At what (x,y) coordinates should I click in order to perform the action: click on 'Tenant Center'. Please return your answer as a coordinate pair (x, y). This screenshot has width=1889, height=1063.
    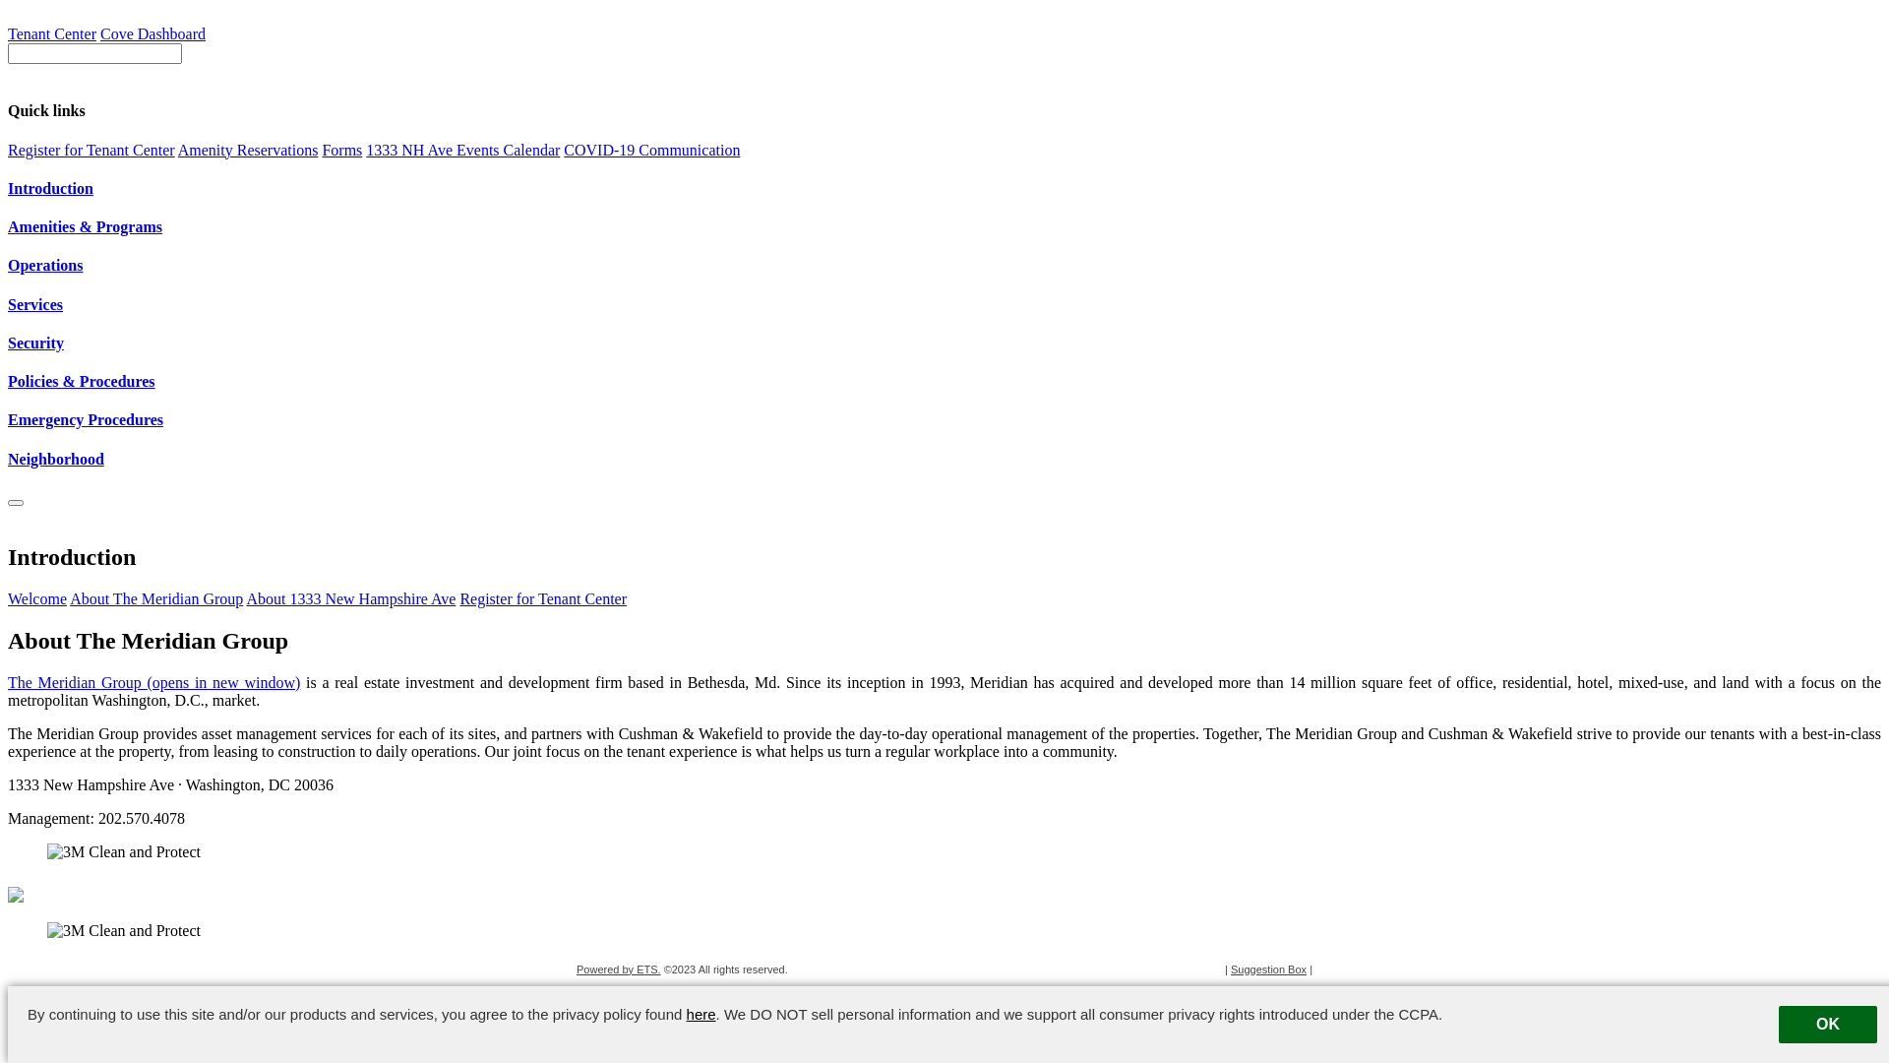
    Looking at the image, I should click on (8, 33).